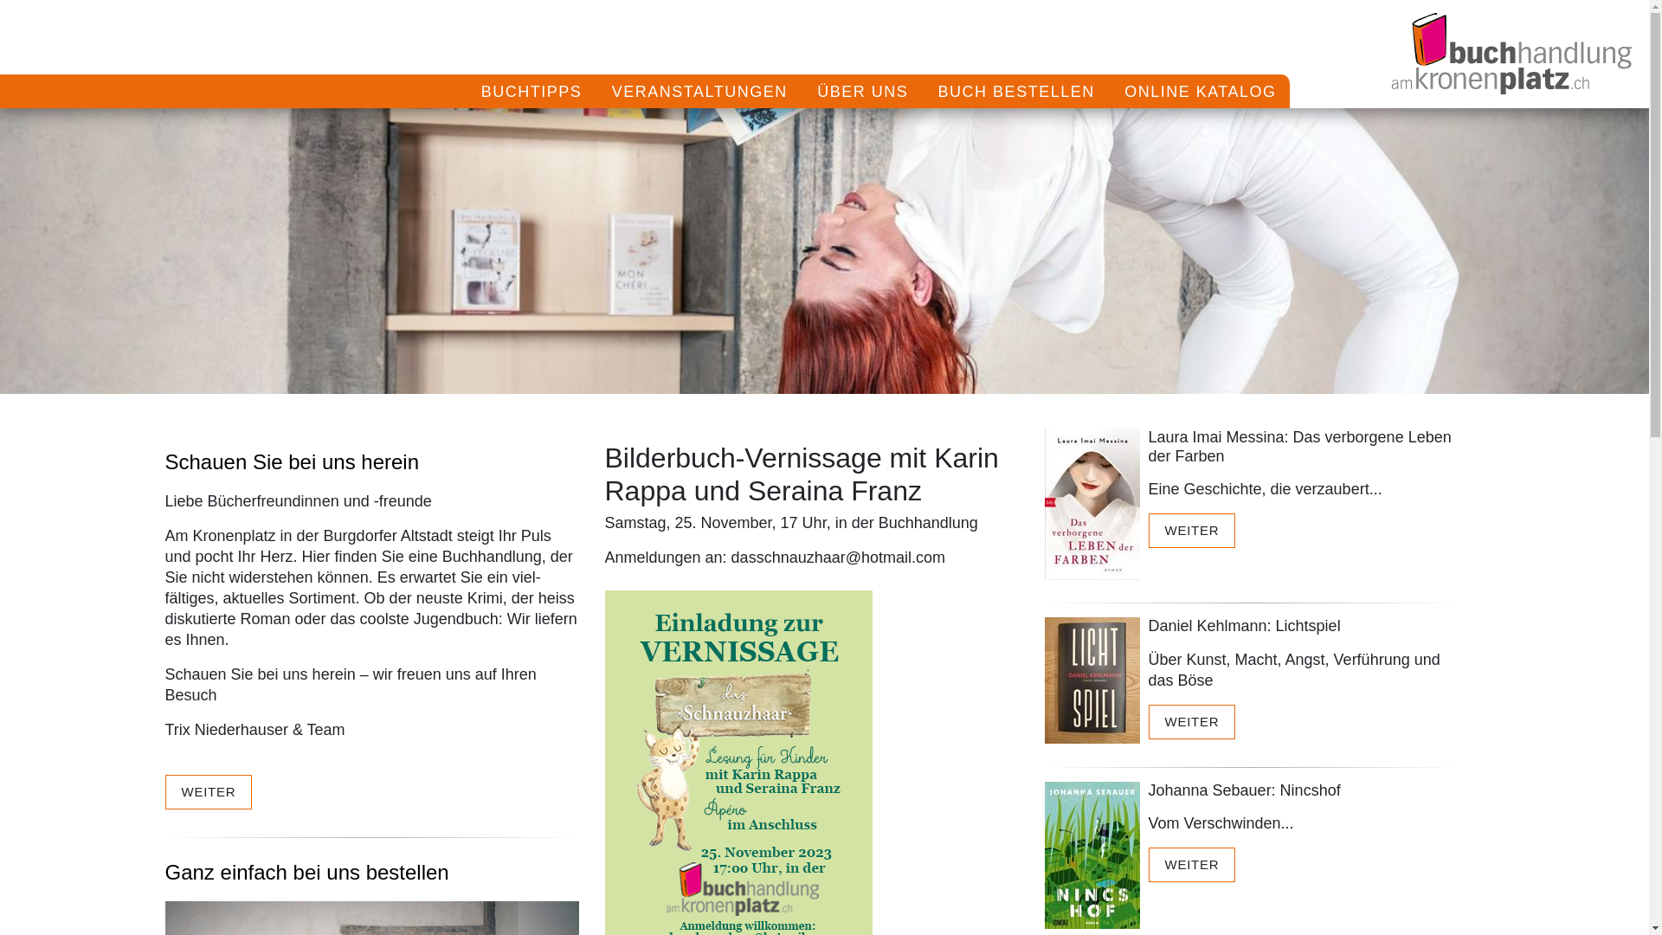 The width and height of the screenshot is (1662, 935). What do you see at coordinates (1199, 91) in the screenshot?
I see `'ONLINE KATALOG'` at bounding box center [1199, 91].